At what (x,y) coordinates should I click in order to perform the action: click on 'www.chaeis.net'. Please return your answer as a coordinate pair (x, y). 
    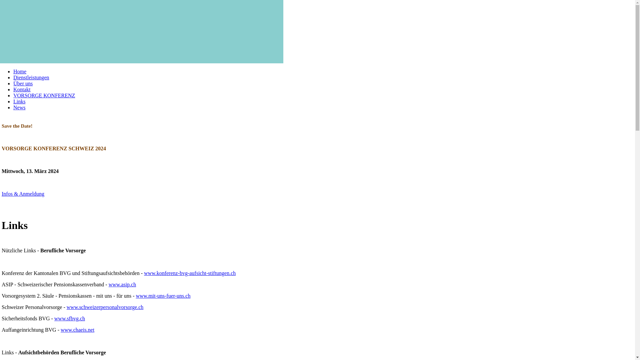
    Looking at the image, I should click on (77, 329).